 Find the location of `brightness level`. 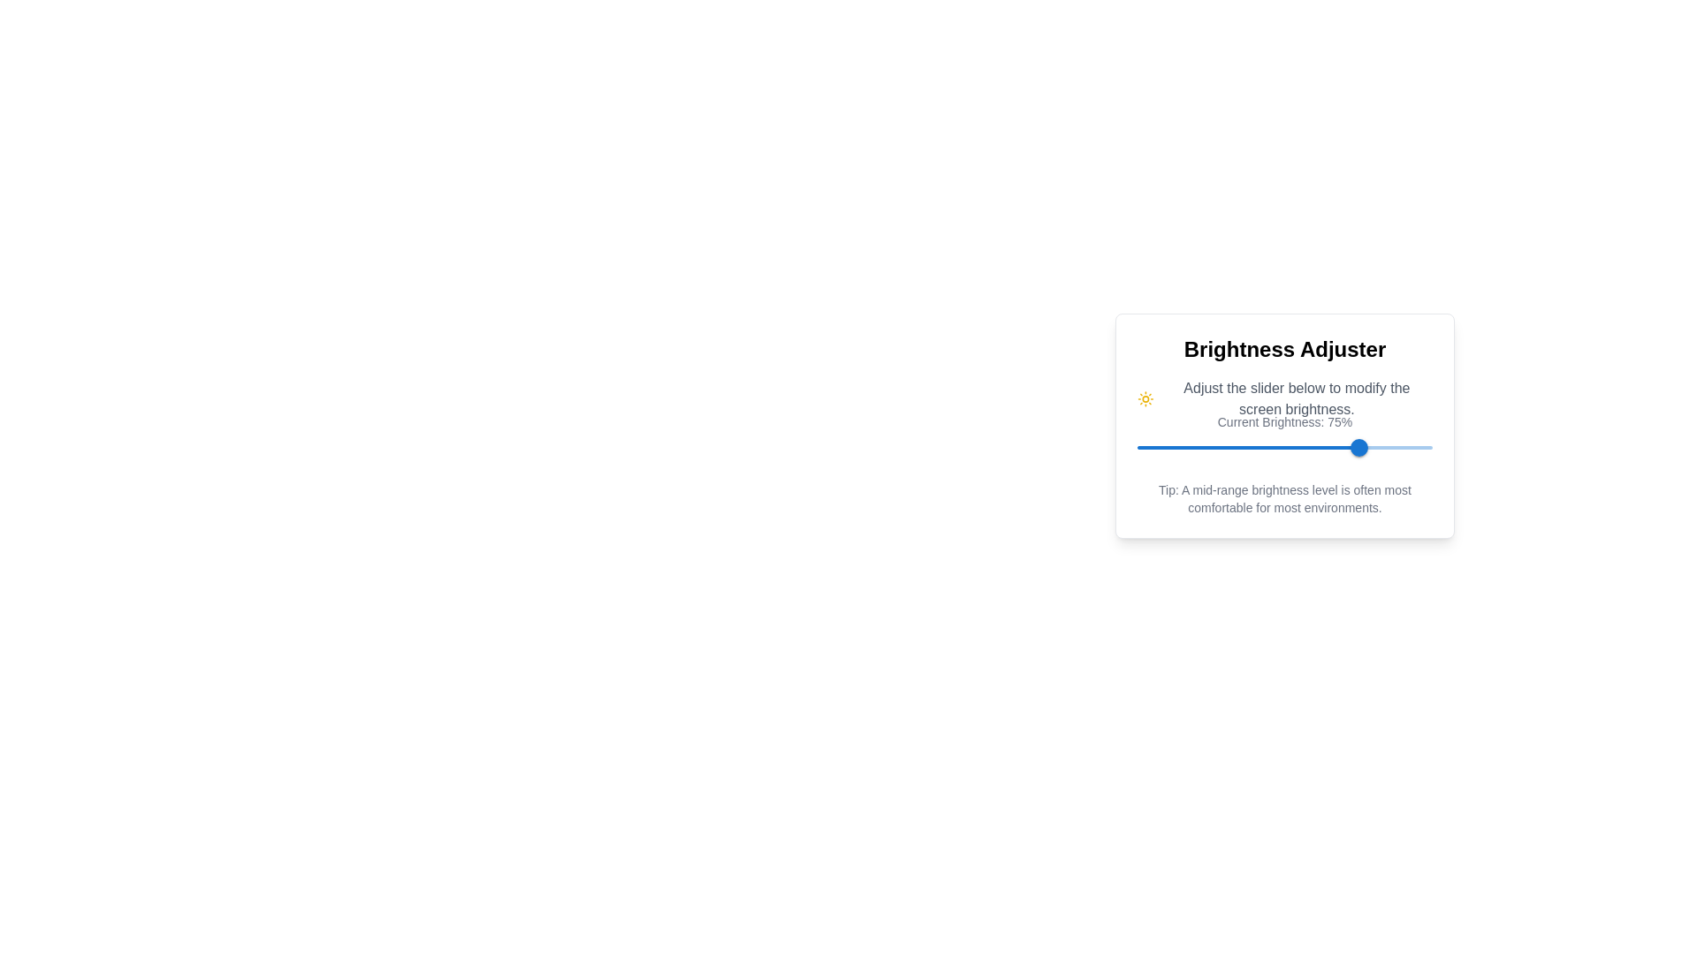

brightness level is located at coordinates (1267, 446).